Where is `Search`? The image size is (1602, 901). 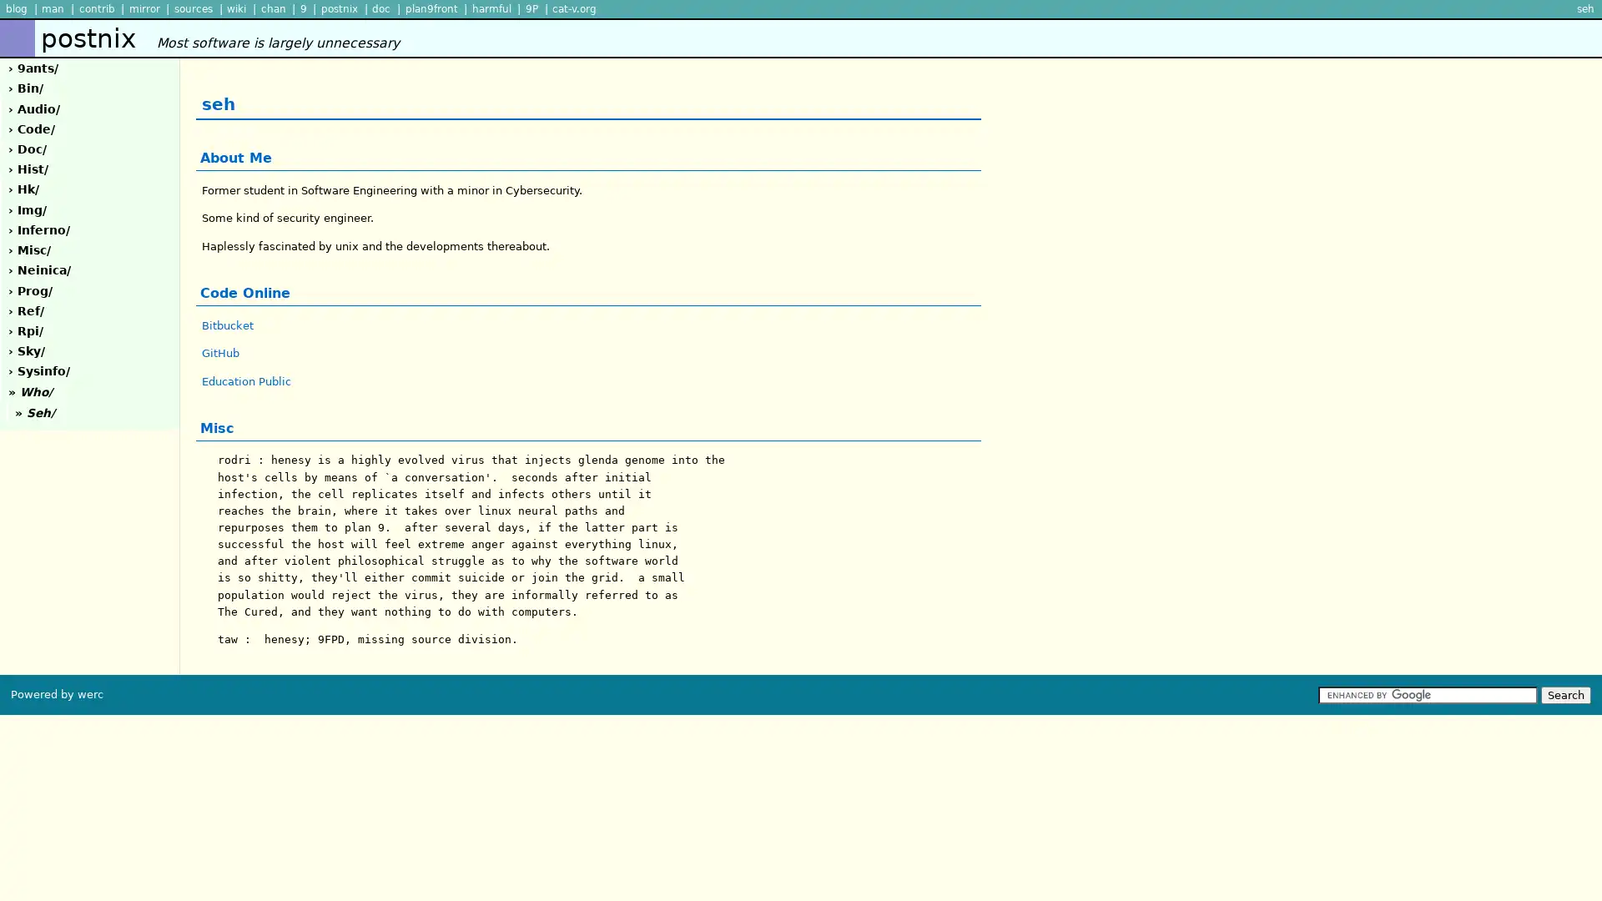
Search is located at coordinates (1564, 694).